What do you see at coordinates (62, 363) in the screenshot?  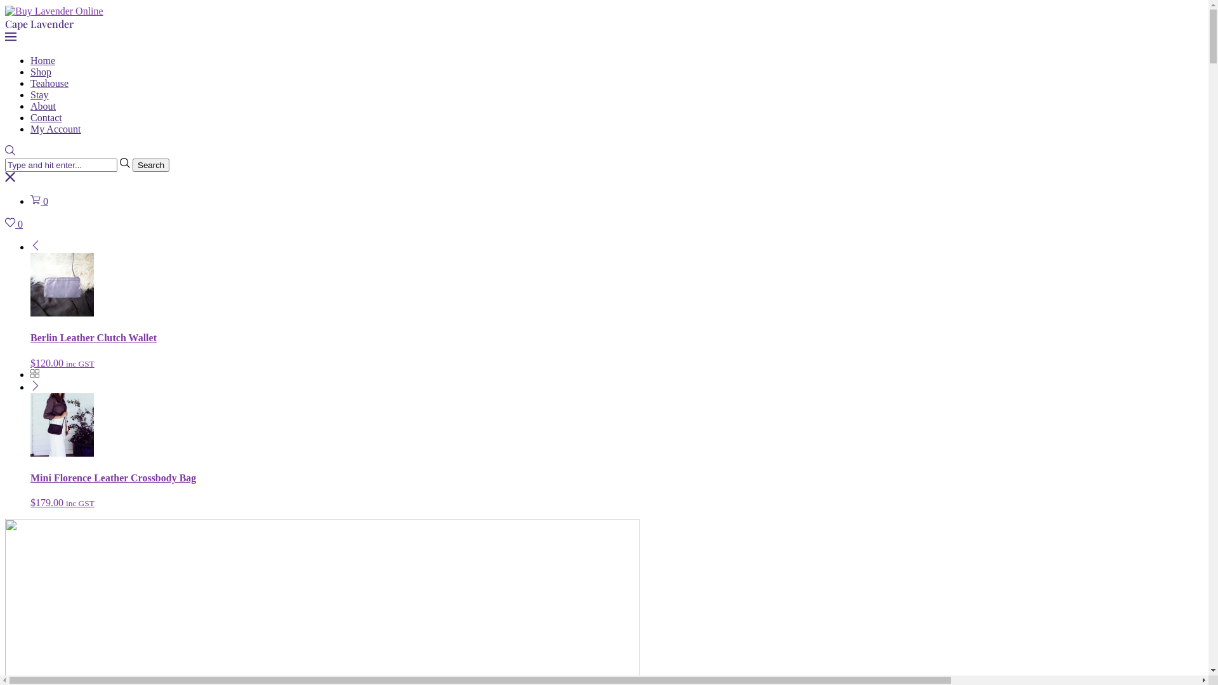 I see `'$120.00 inc GST'` at bounding box center [62, 363].